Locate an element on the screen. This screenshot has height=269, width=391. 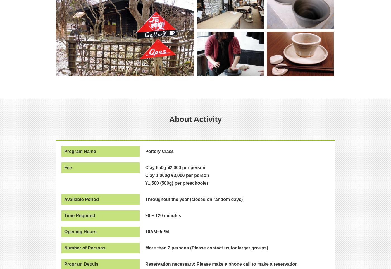
'Fee' is located at coordinates (64, 167).